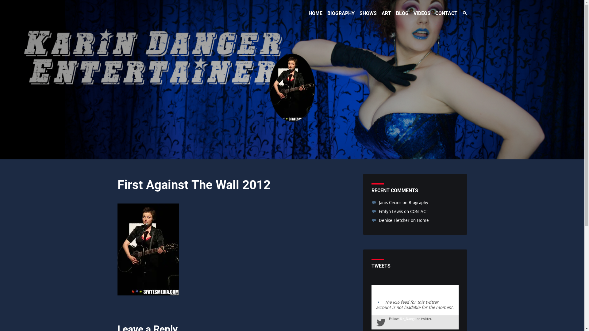 This screenshot has height=331, width=589. What do you see at coordinates (446, 13) in the screenshot?
I see `'CONTACT'` at bounding box center [446, 13].